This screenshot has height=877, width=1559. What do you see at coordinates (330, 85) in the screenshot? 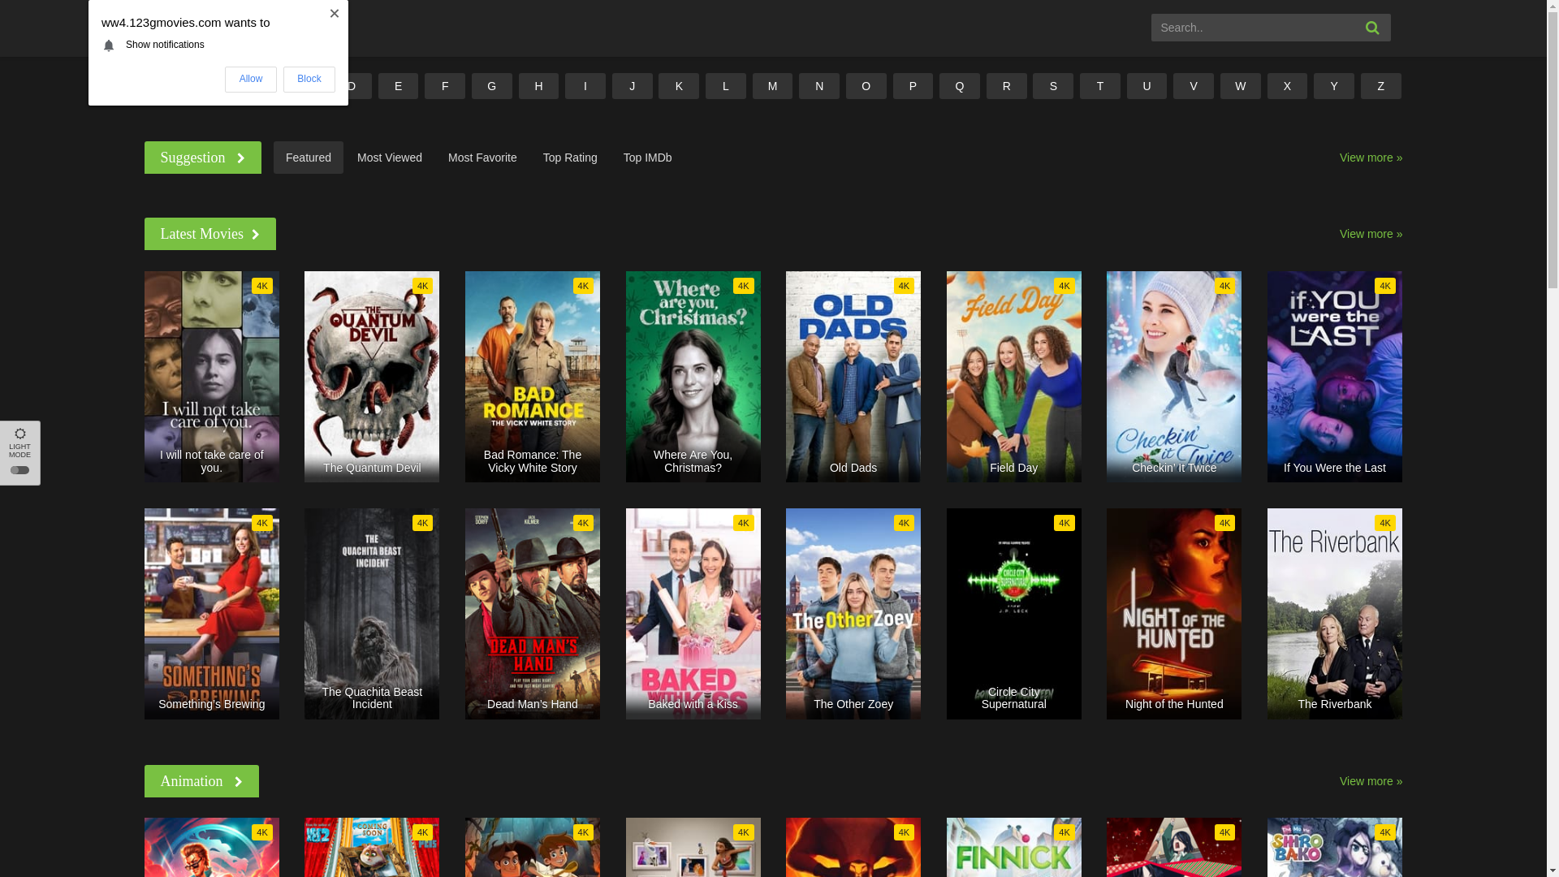
I see `'D'` at bounding box center [330, 85].